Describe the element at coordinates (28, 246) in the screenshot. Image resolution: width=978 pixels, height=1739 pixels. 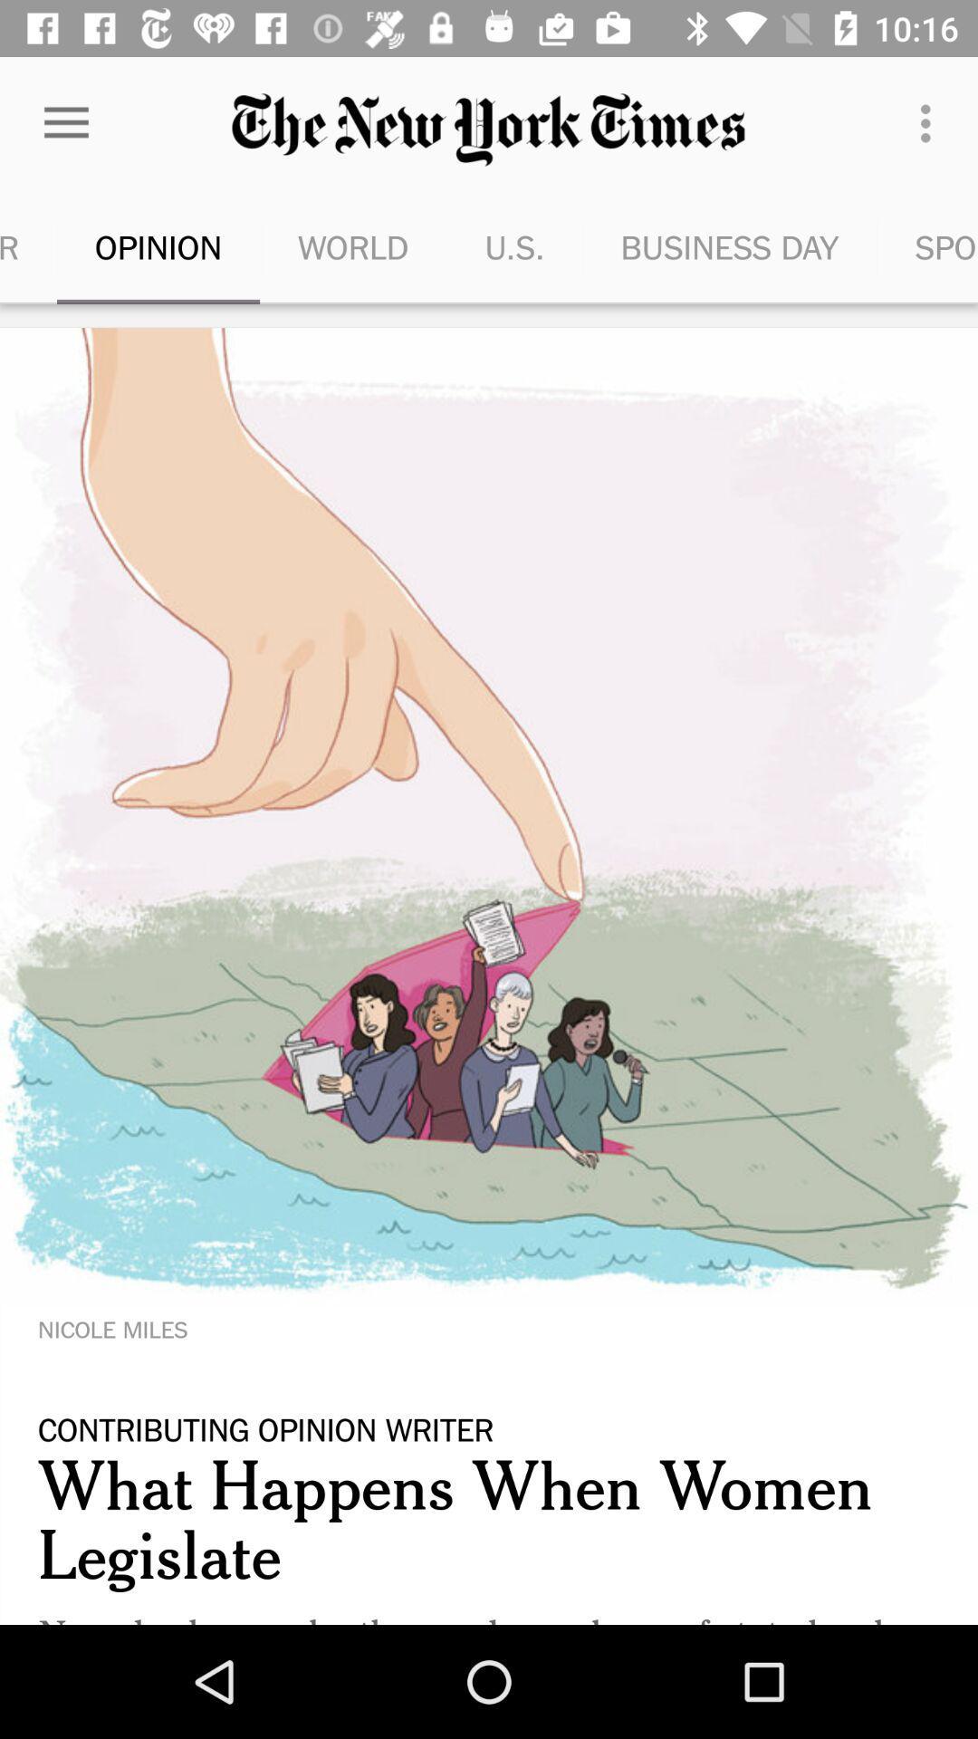
I see `the item to the left of the opinion item` at that location.